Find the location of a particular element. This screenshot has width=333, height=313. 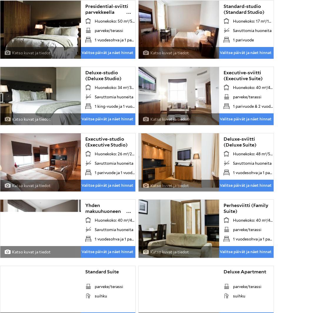

'Standard-studio (Standard Studio)' is located at coordinates (244, 9).